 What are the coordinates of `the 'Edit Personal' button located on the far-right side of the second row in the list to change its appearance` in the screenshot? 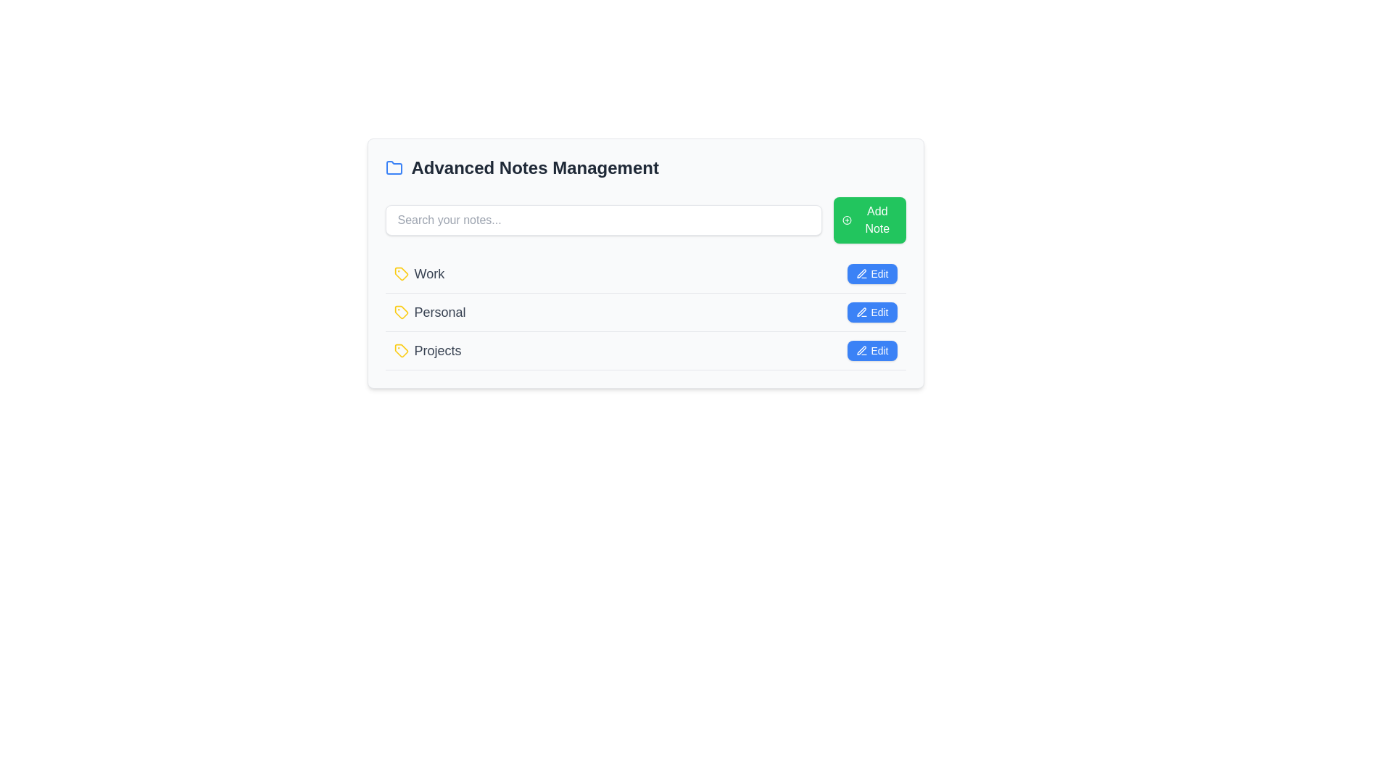 It's located at (871, 312).